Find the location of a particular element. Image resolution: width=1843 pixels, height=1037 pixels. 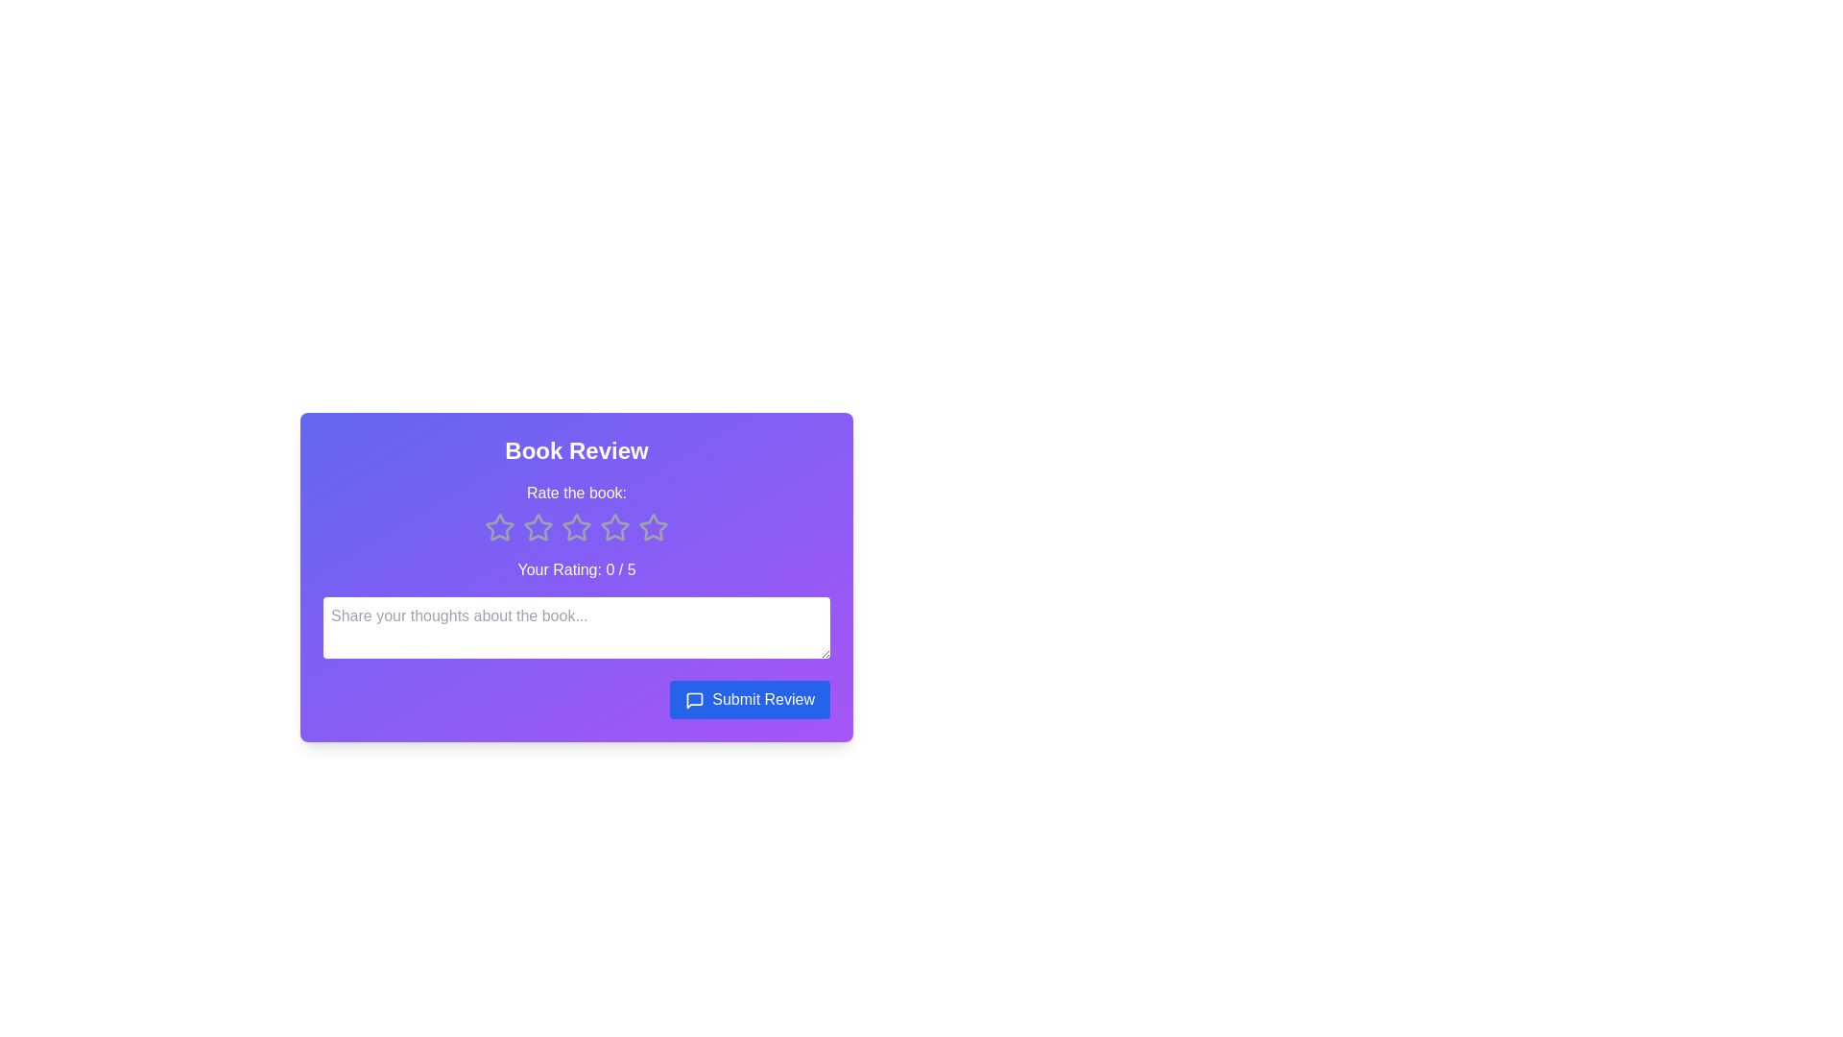

the book rating to 4 stars by clicking the corresponding star is located at coordinates (615, 528).